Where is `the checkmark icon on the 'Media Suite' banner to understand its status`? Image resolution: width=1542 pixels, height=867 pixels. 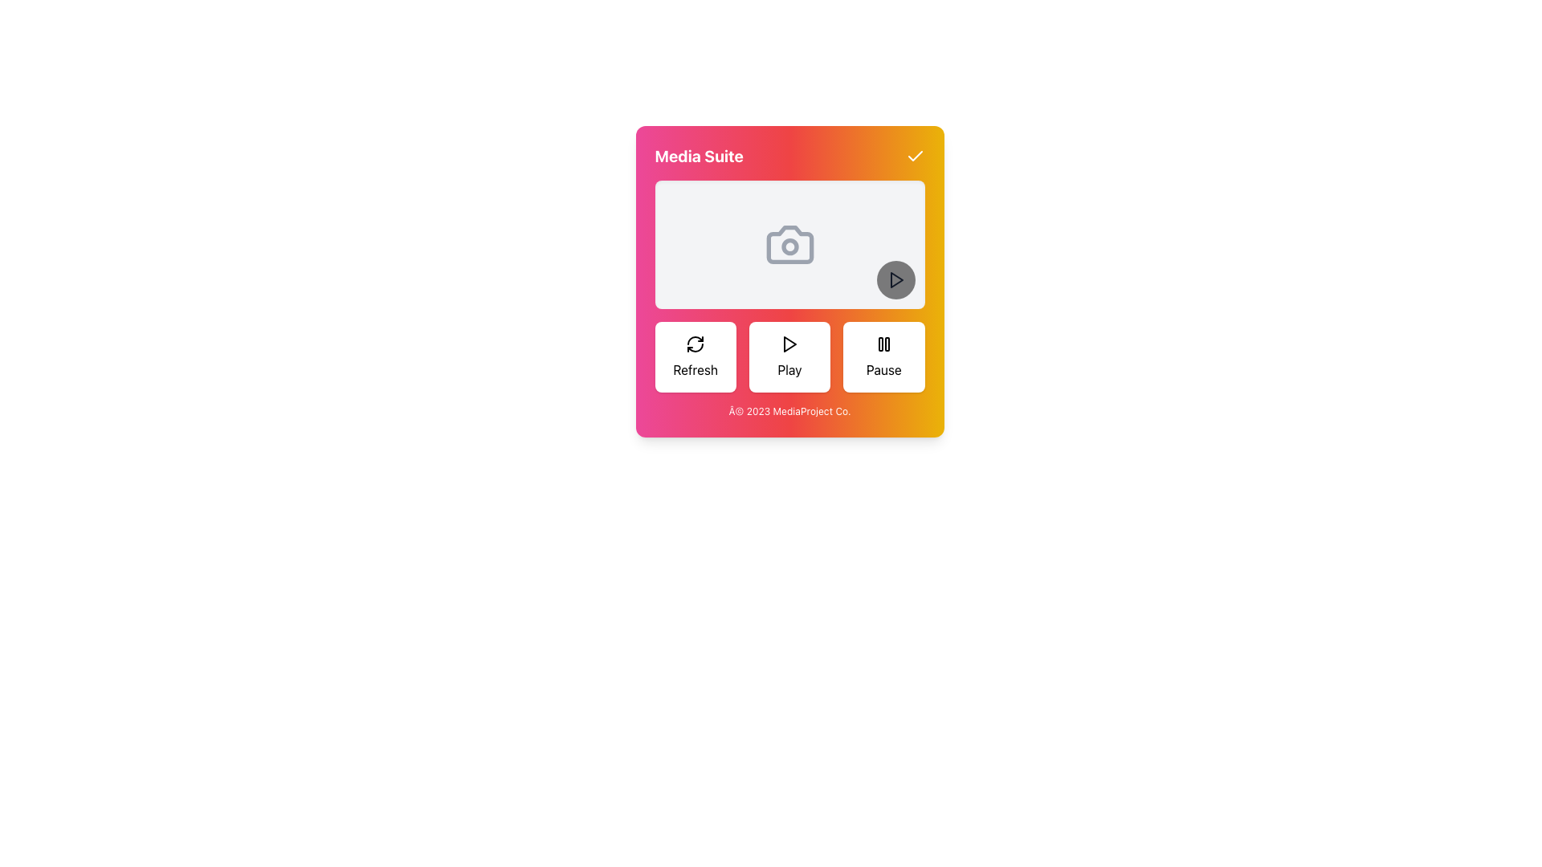
the checkmark icon on the 'Media Suite' banner to understand its status is located at coordinates (789, 157).